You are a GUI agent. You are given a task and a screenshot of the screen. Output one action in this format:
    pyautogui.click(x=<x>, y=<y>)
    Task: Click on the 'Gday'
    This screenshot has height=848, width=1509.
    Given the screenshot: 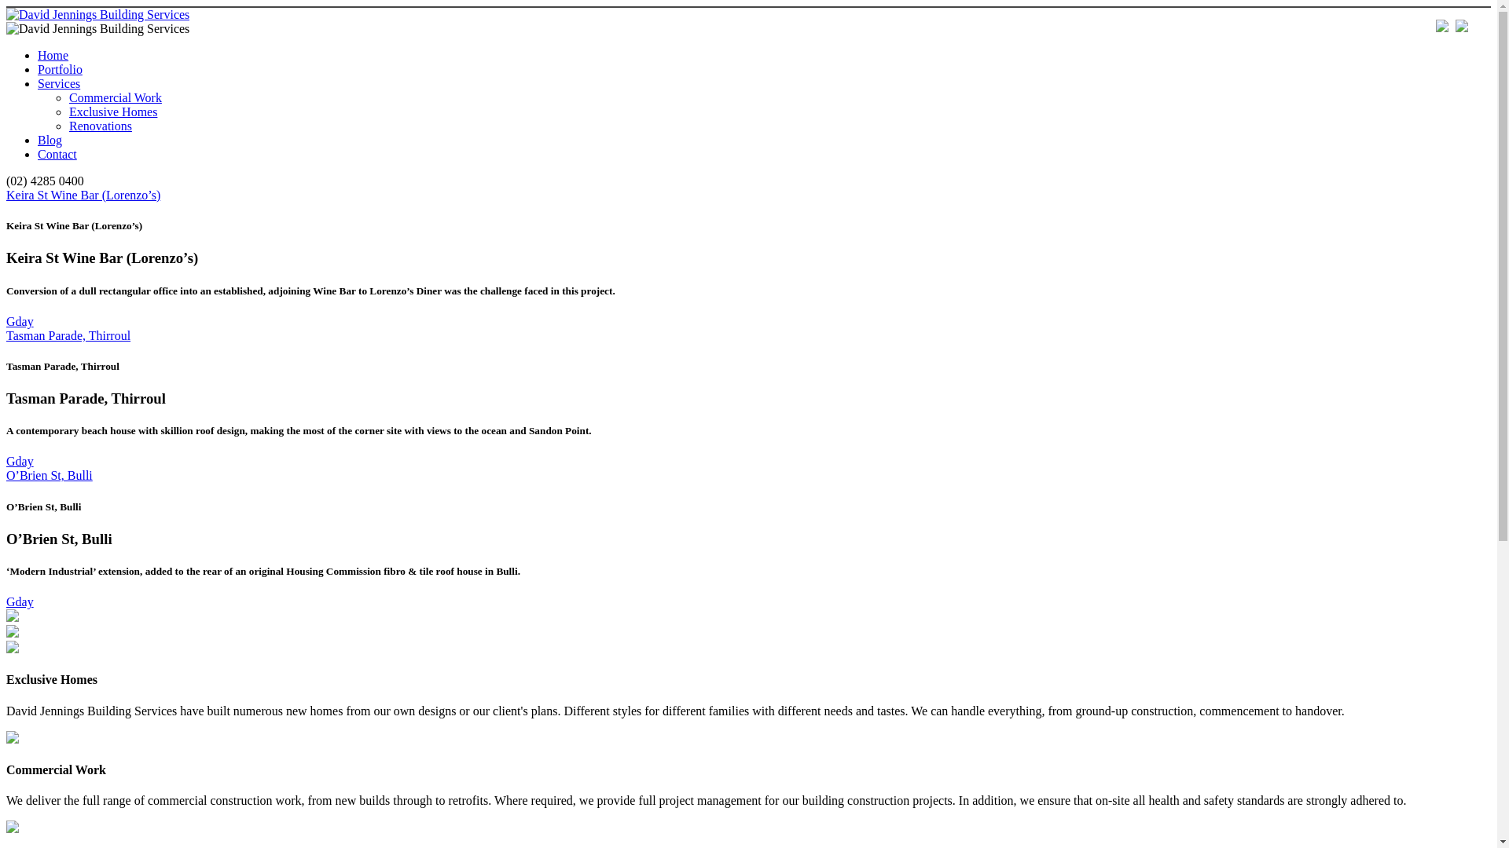 What is the action you would take?
    pyautogui.click(x=20, y=460)
    